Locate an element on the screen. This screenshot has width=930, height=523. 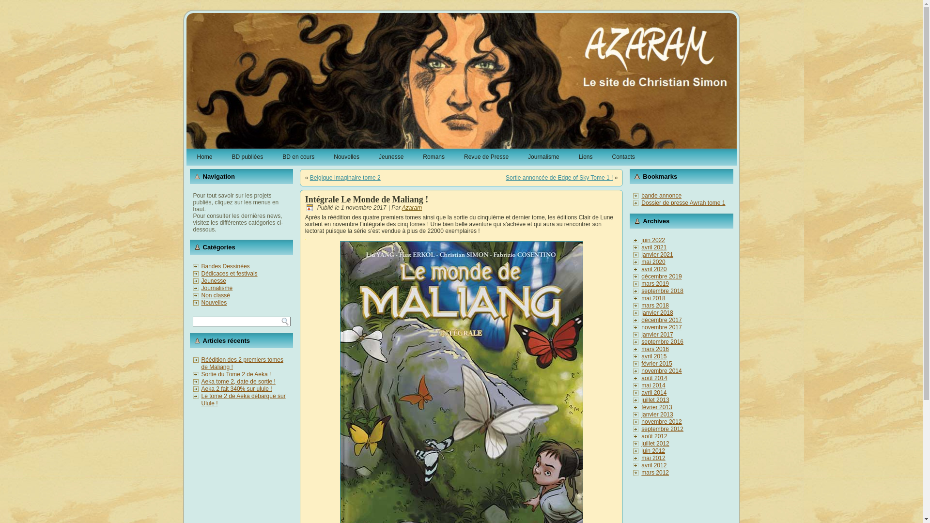
'janvier 2018' is located at coordinates (657, 312).